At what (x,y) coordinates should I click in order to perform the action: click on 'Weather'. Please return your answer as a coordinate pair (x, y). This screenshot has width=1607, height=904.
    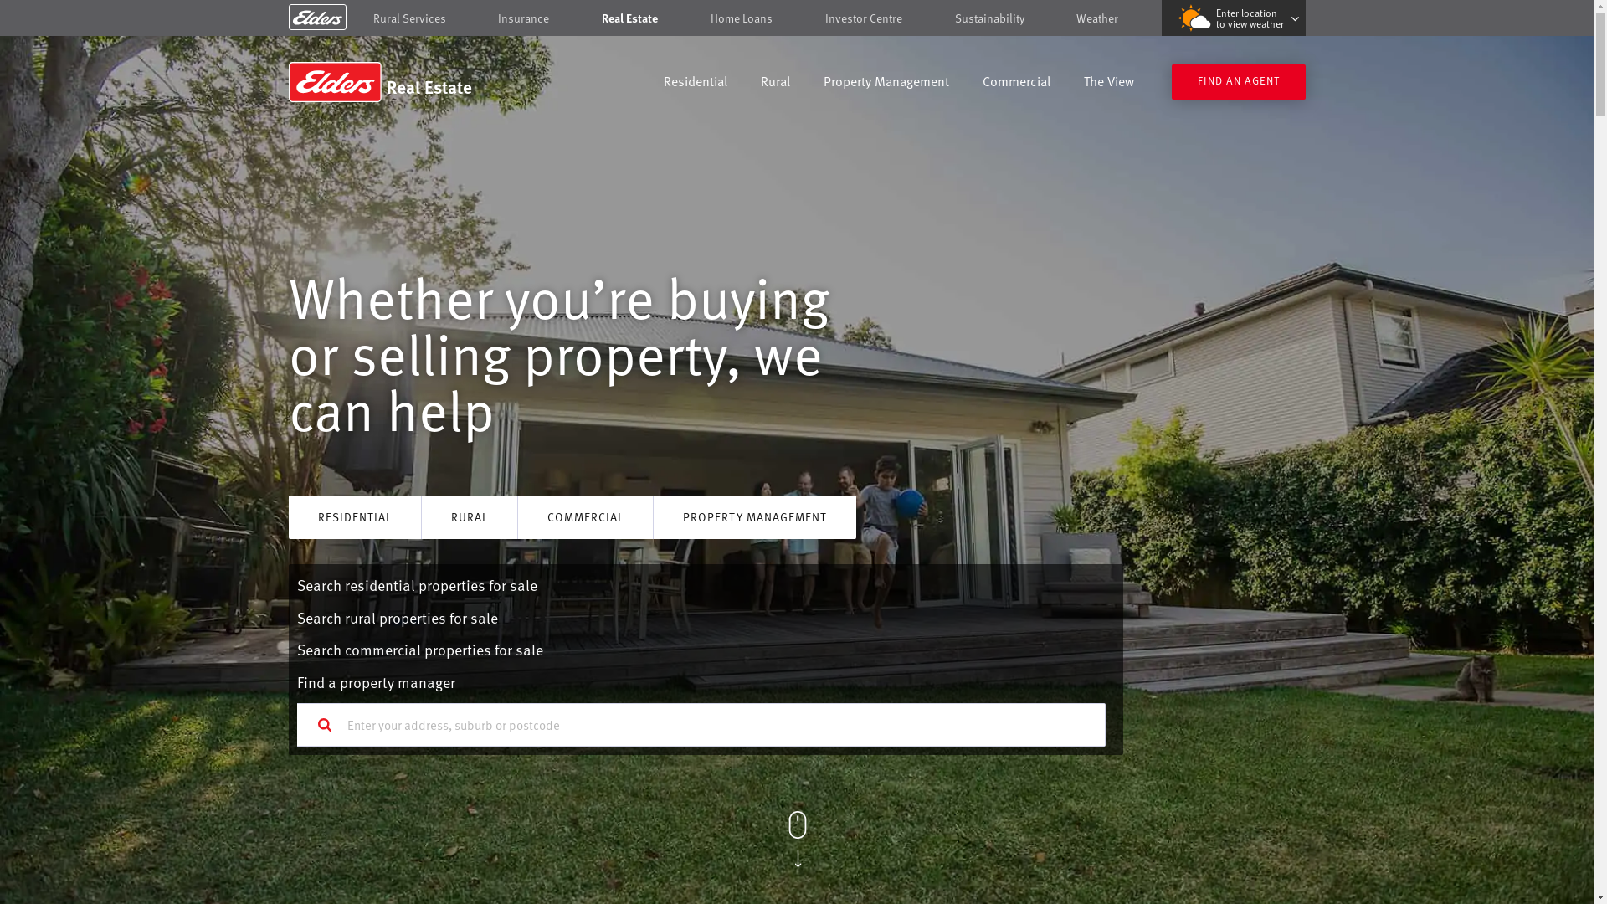
    Looking at the image, I should click on (1096, 18).